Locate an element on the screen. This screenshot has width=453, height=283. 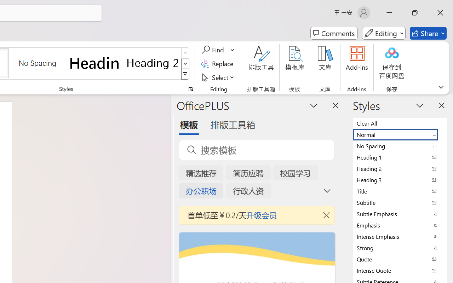
'Strong' is located at coordinates (400, 248).